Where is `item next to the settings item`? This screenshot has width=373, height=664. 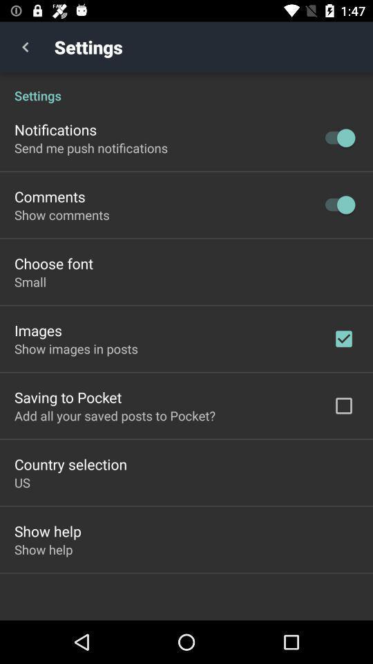
item next to the settings item is located at coordinates (25, 47).